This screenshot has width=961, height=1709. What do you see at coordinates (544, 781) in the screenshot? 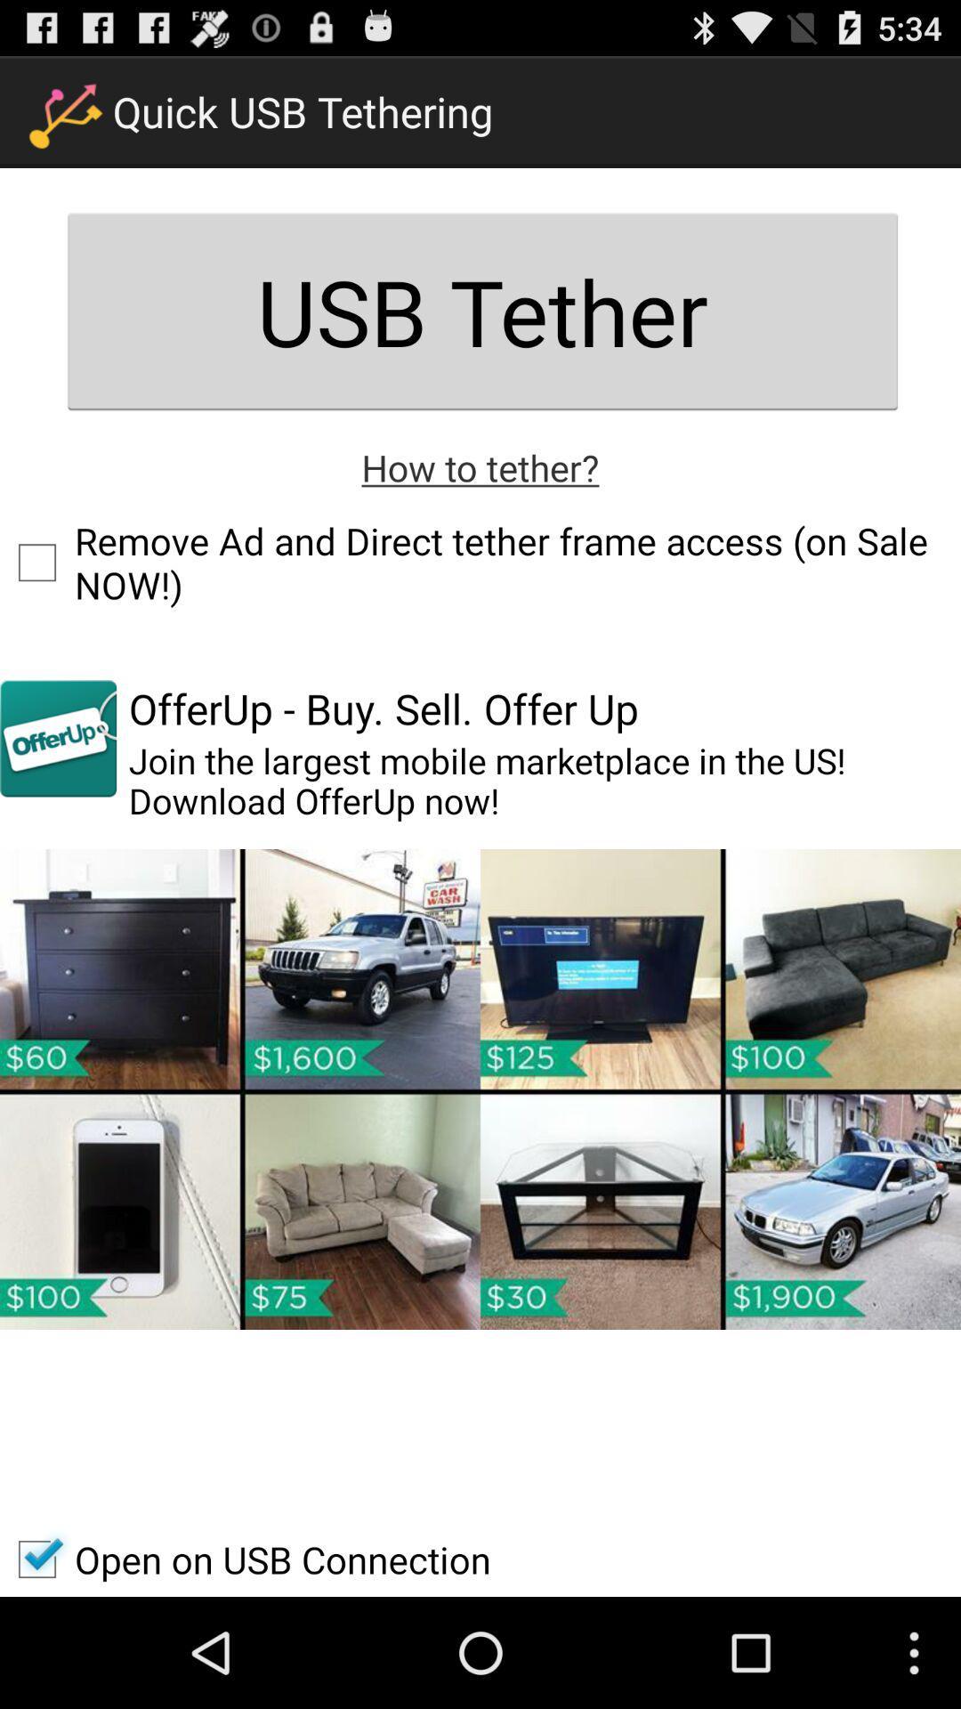
I see `app below offerup buy sell item` at bounding box center [544, 781].